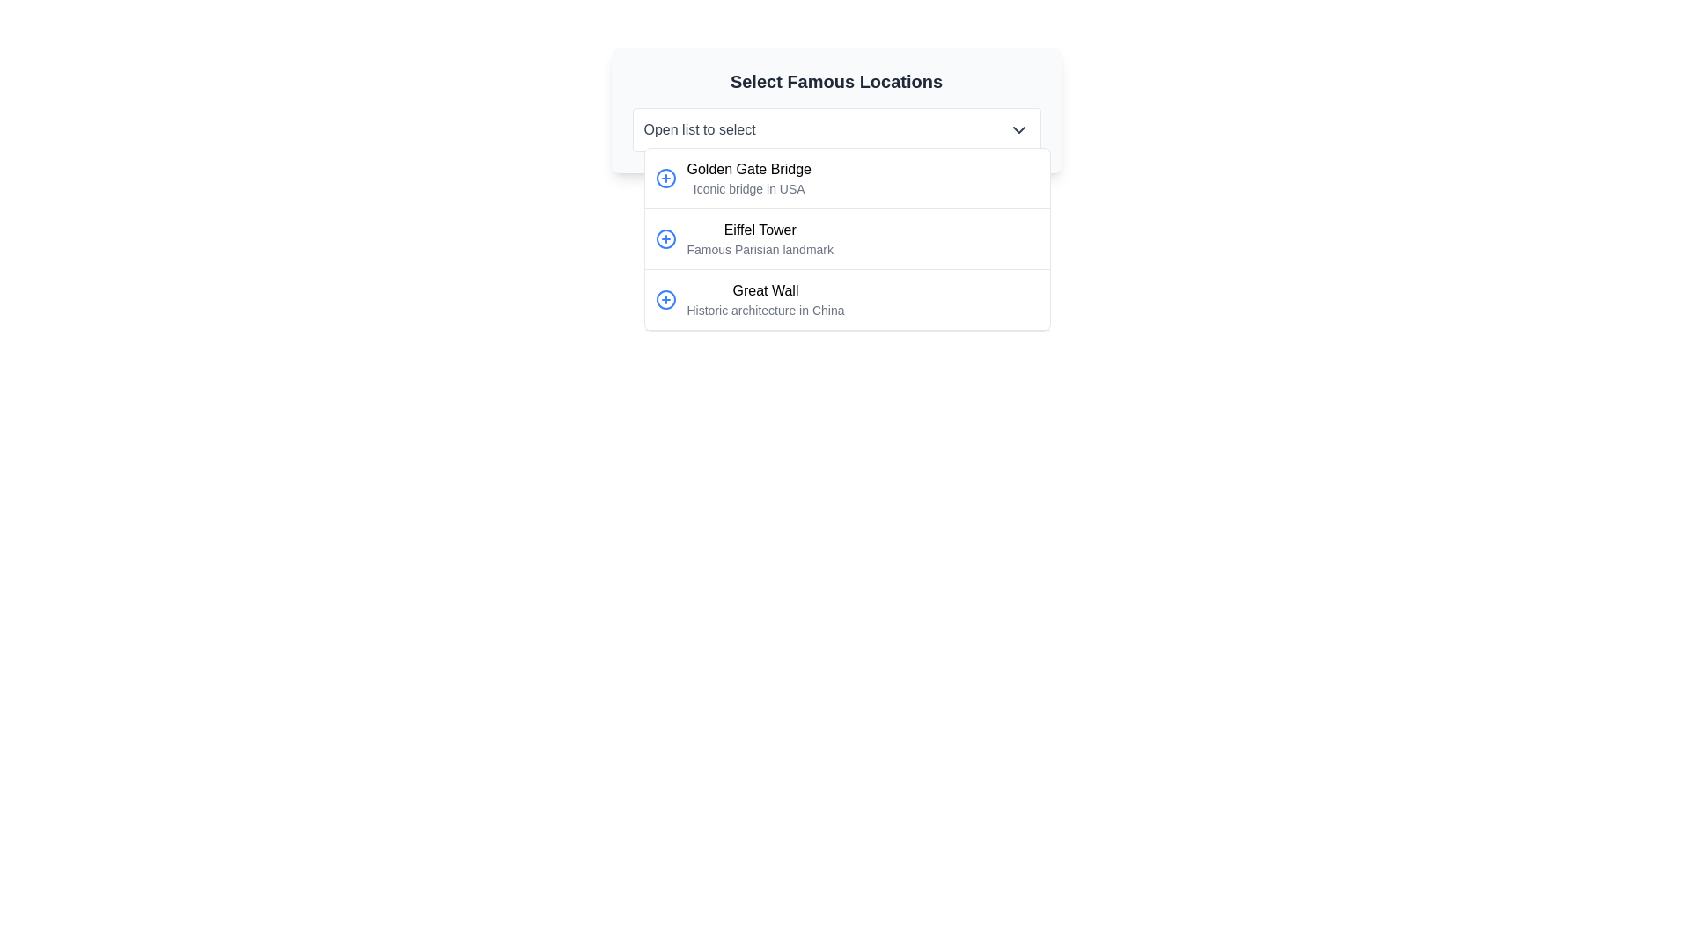 This screenshot has width=1690, height=950. I want to click on text label displaying 'Great Wall' within the dropdown menu labeled 'Select Famous Locations' to understand its context, so click(765, 290).